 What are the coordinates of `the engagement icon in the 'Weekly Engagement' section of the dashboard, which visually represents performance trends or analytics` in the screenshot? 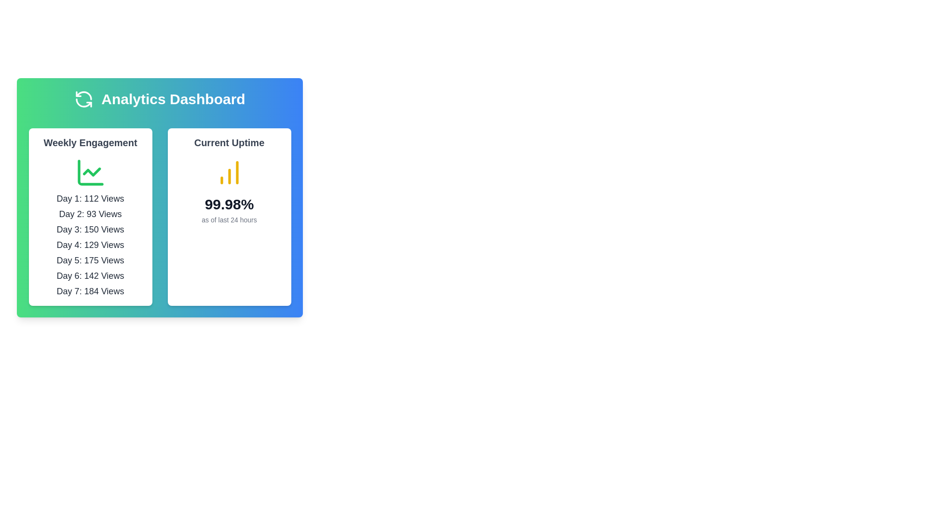 It's located at (90, 172).